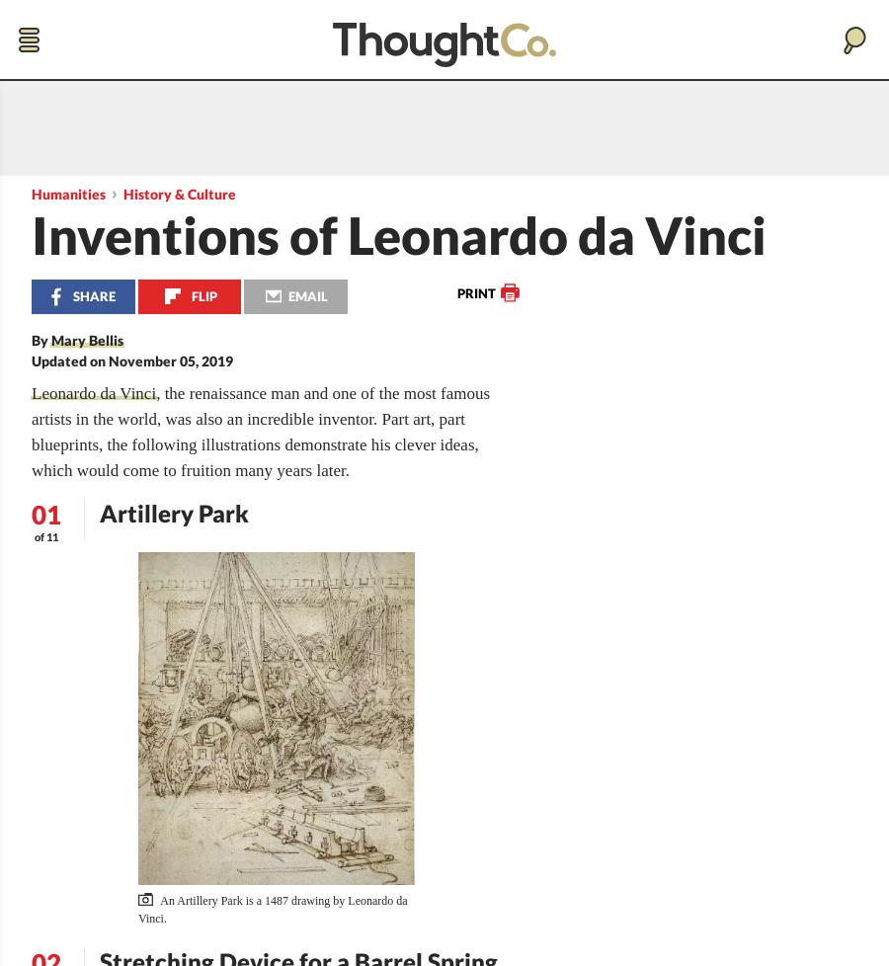 The height and width of the screenshot is (966, 889). I want to click on 'Humanities', so click(67, 194).